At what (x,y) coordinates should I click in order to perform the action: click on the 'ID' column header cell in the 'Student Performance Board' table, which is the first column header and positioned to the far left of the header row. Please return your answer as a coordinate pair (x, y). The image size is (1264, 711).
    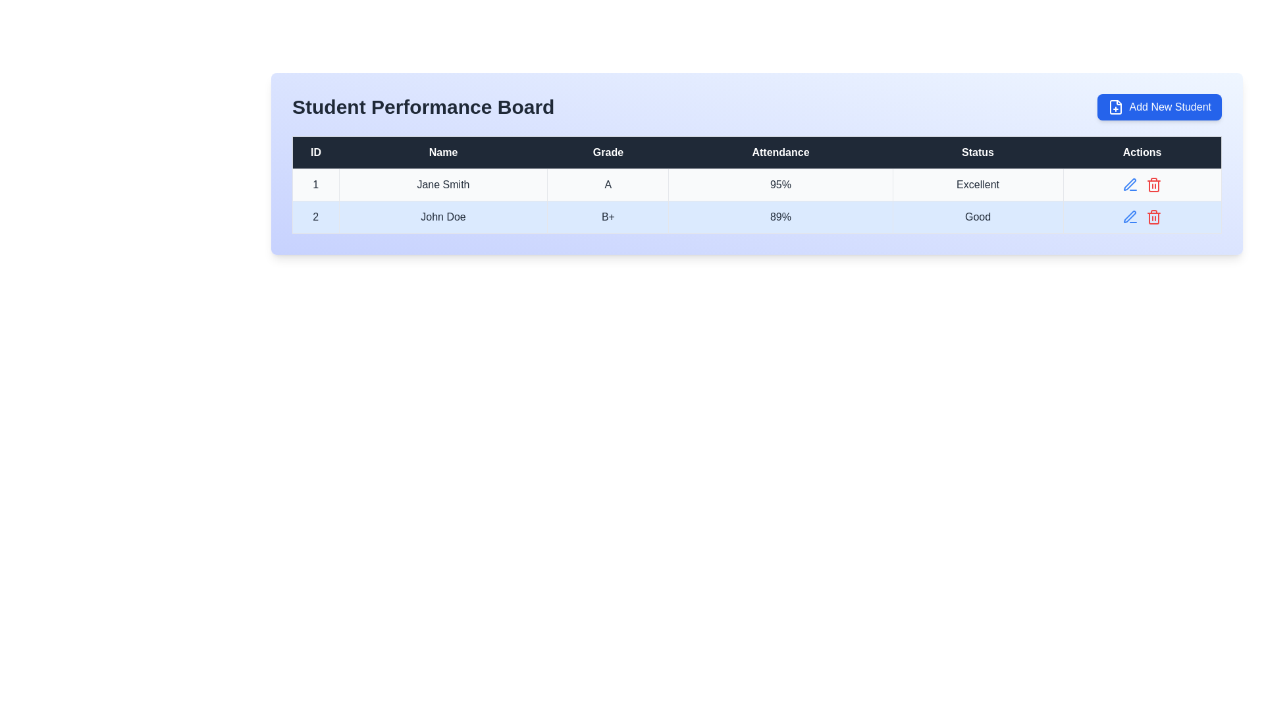
    Looking at the image, I should click on (315, 151).